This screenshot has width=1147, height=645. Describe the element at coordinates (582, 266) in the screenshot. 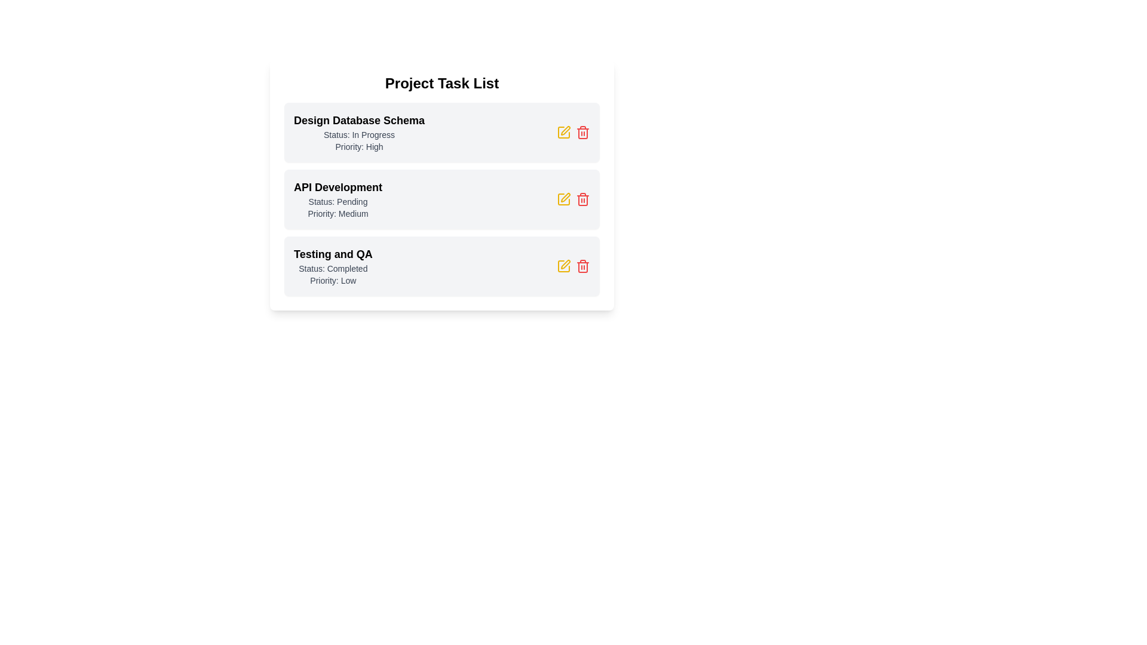

I see `trash icon next to the task with the name Testing and QA to delete it` at that location.